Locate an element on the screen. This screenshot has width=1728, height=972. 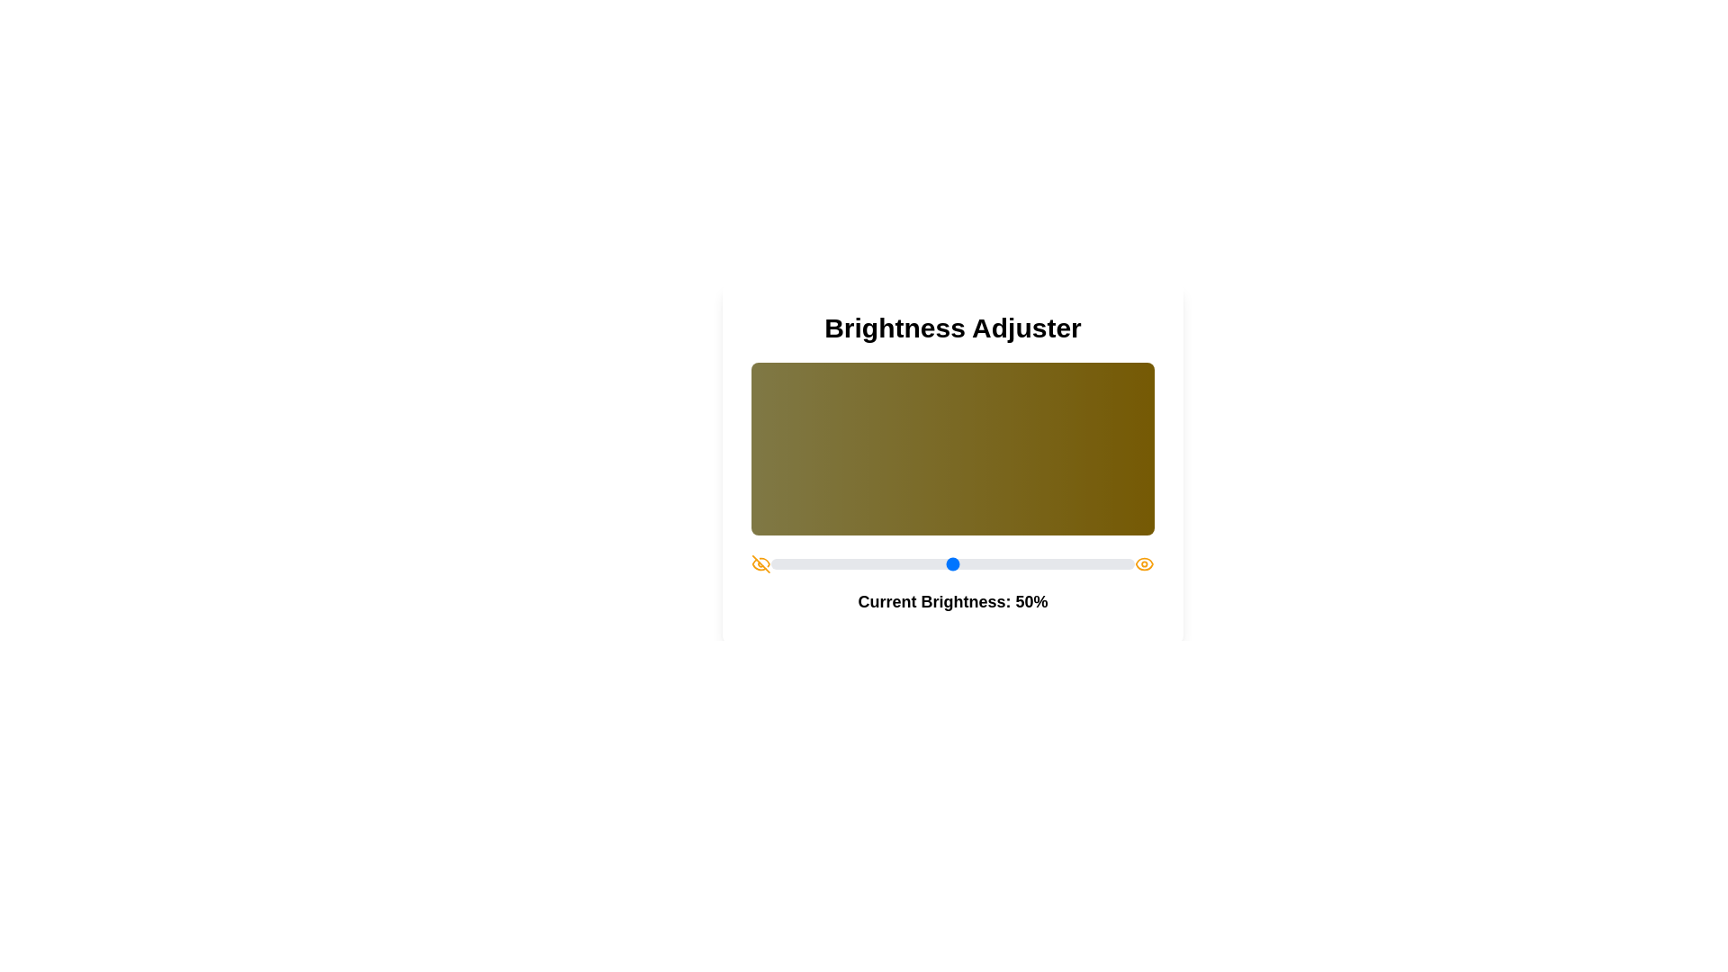
the brightness slider to 62% is located at coordinates (995, 563).